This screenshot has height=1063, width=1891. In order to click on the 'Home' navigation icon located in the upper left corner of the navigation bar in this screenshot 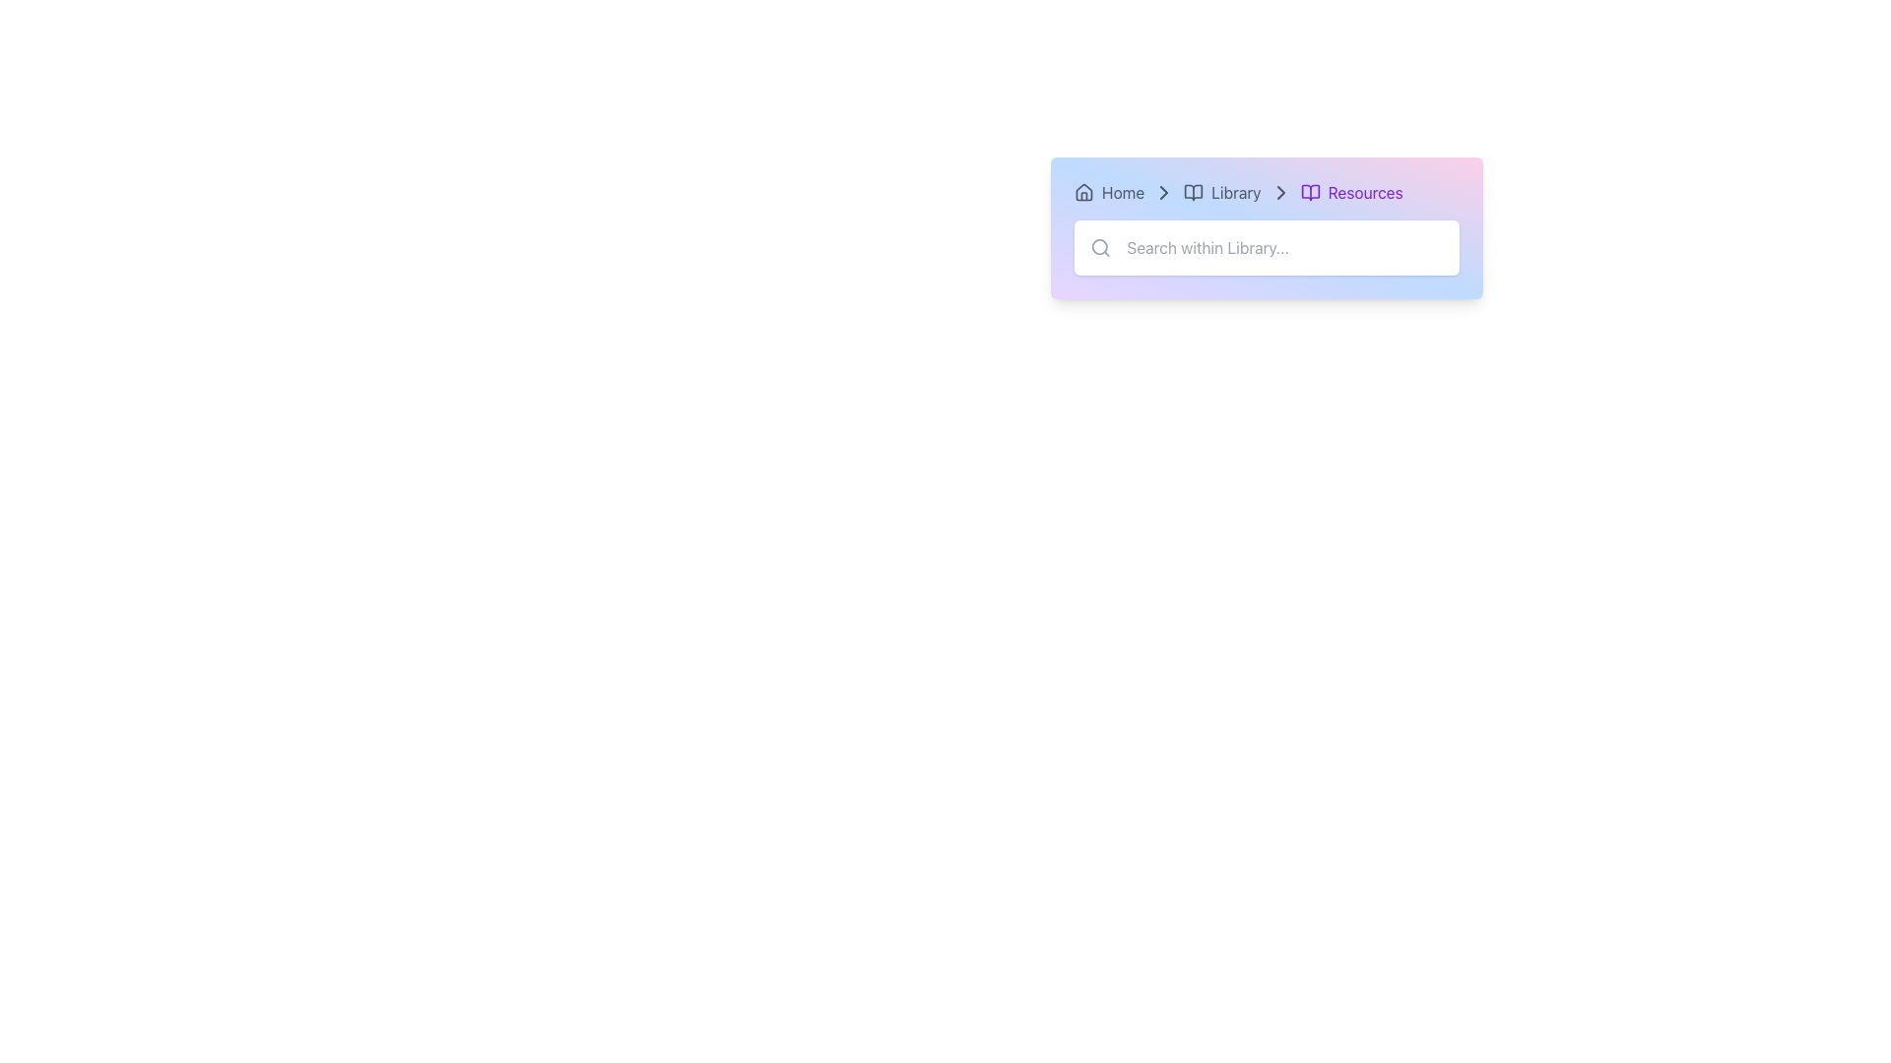, I will do `click(1082, 192)`.